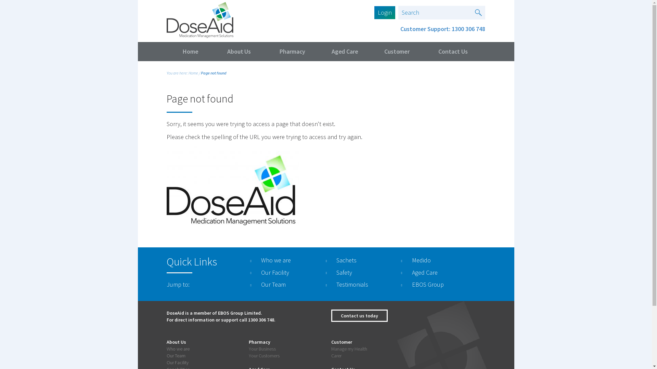 The image size is (657, 369). What do you see at coordinates (345, 51) in the screenshot?
I see `'Aged Care'` at bounding box center [345, 51].